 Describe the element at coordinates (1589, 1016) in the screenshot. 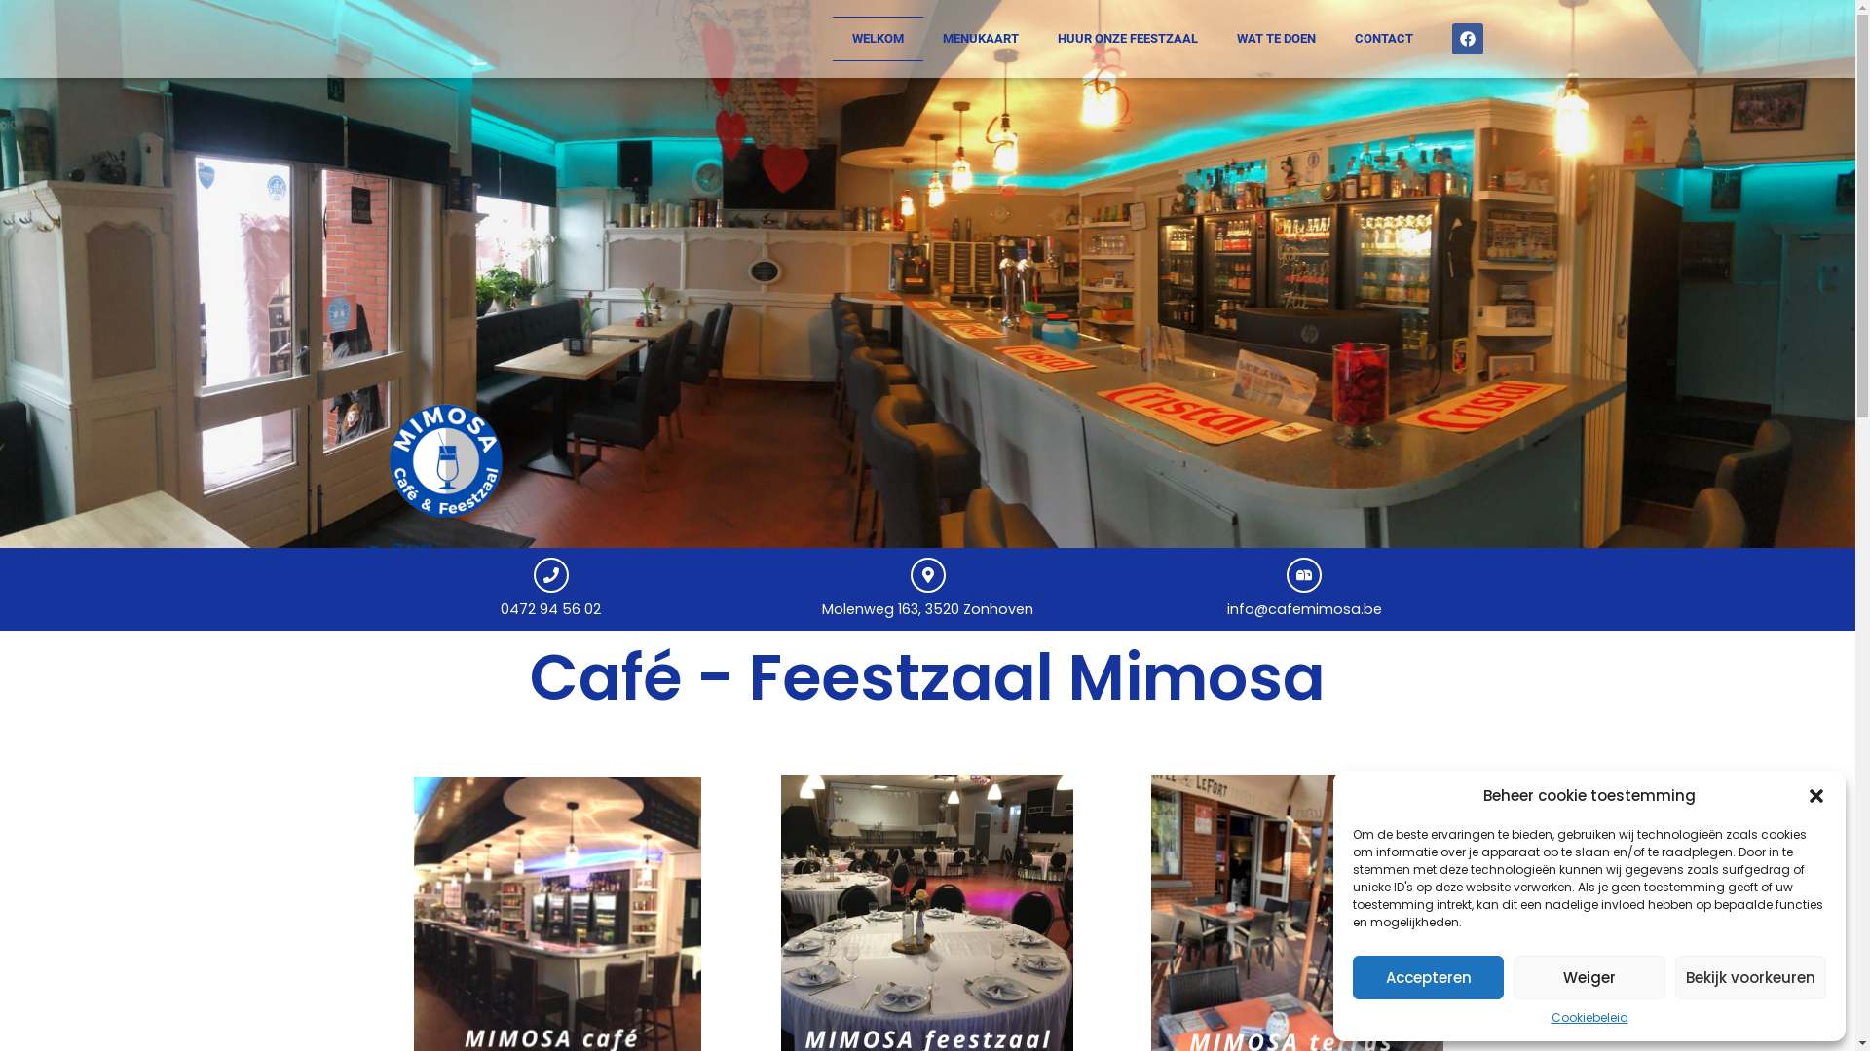

I see `'Cookiebeleid'` at that location.